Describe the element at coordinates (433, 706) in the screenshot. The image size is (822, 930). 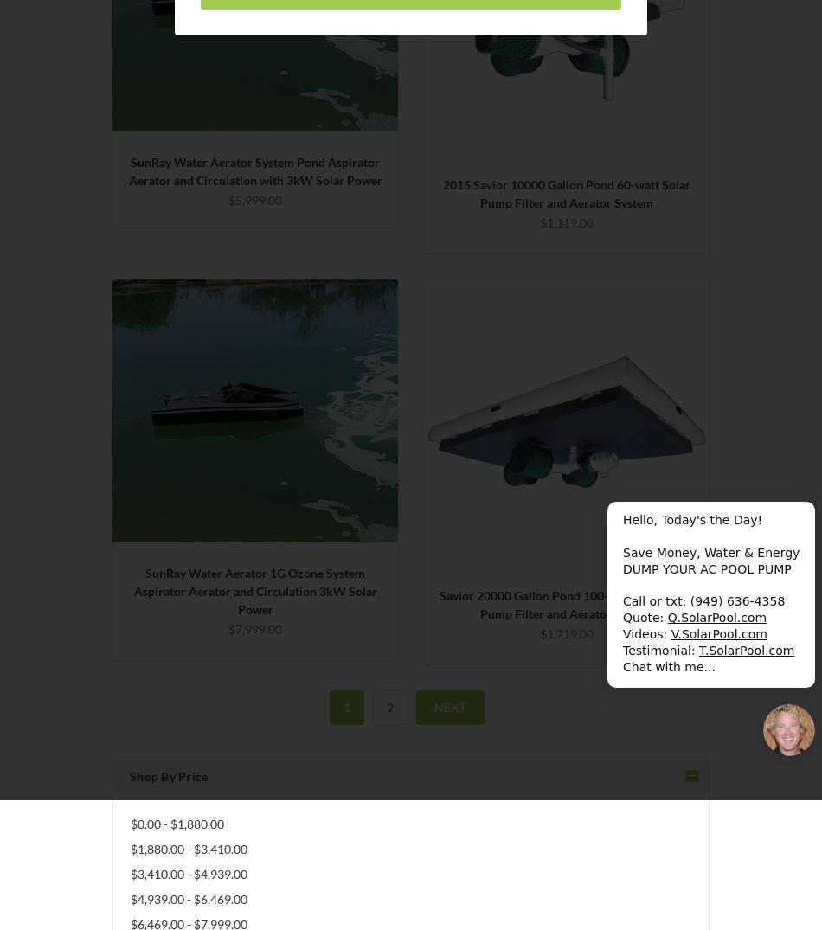
I see `'Next'` at that location.